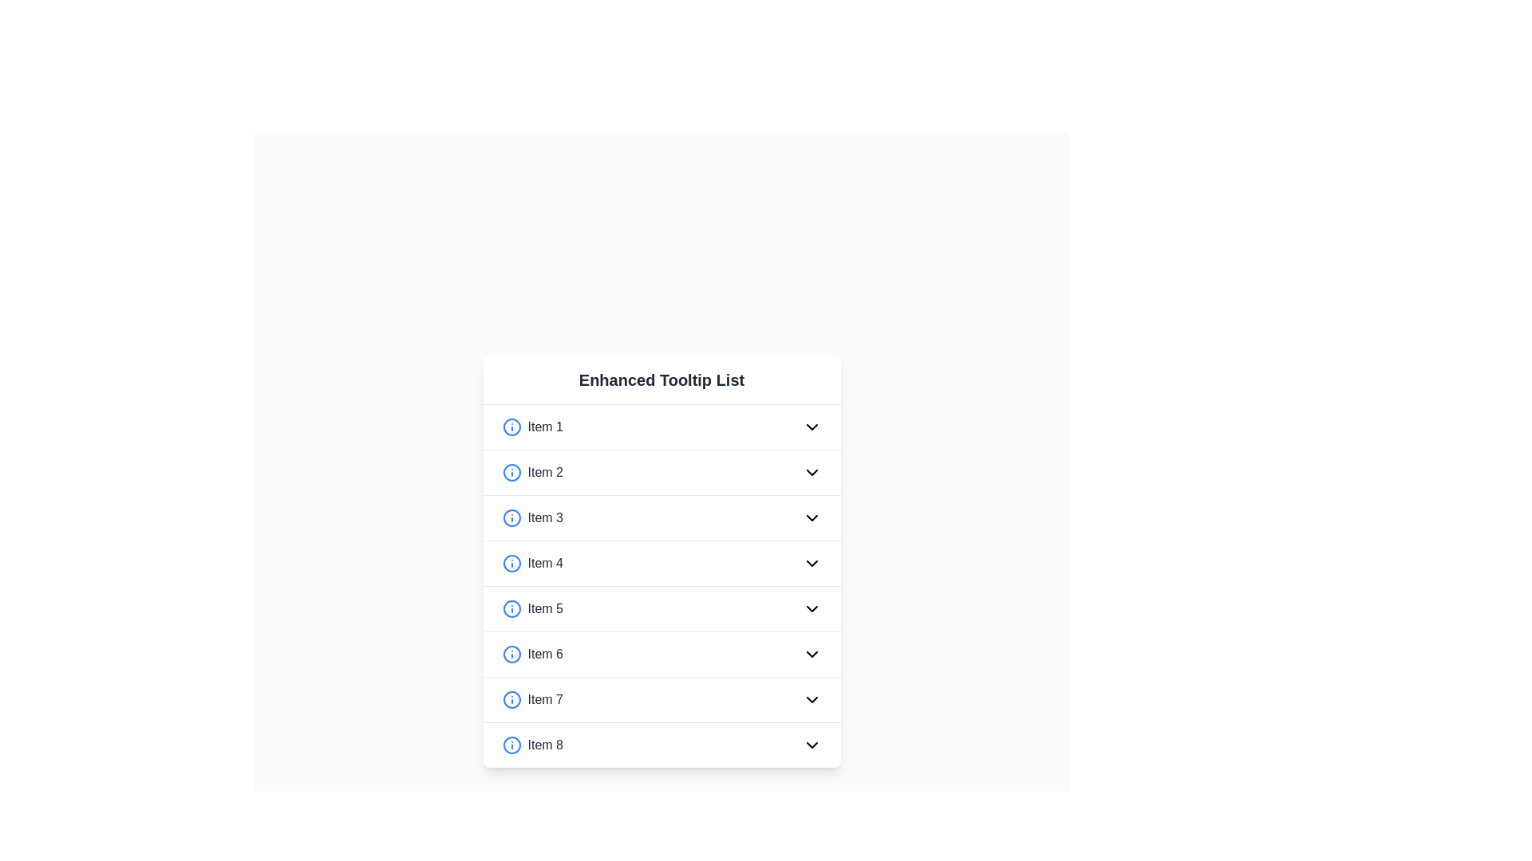 This screenshot has width=1532, height=861. What do you see at coordinates (511, 608) in the screenshot?
I see `the circular icon indicating 'Item 5' in the 'Enhanced Tooltip List', which serves as an information tooltip` at bounding box center [511, 608].